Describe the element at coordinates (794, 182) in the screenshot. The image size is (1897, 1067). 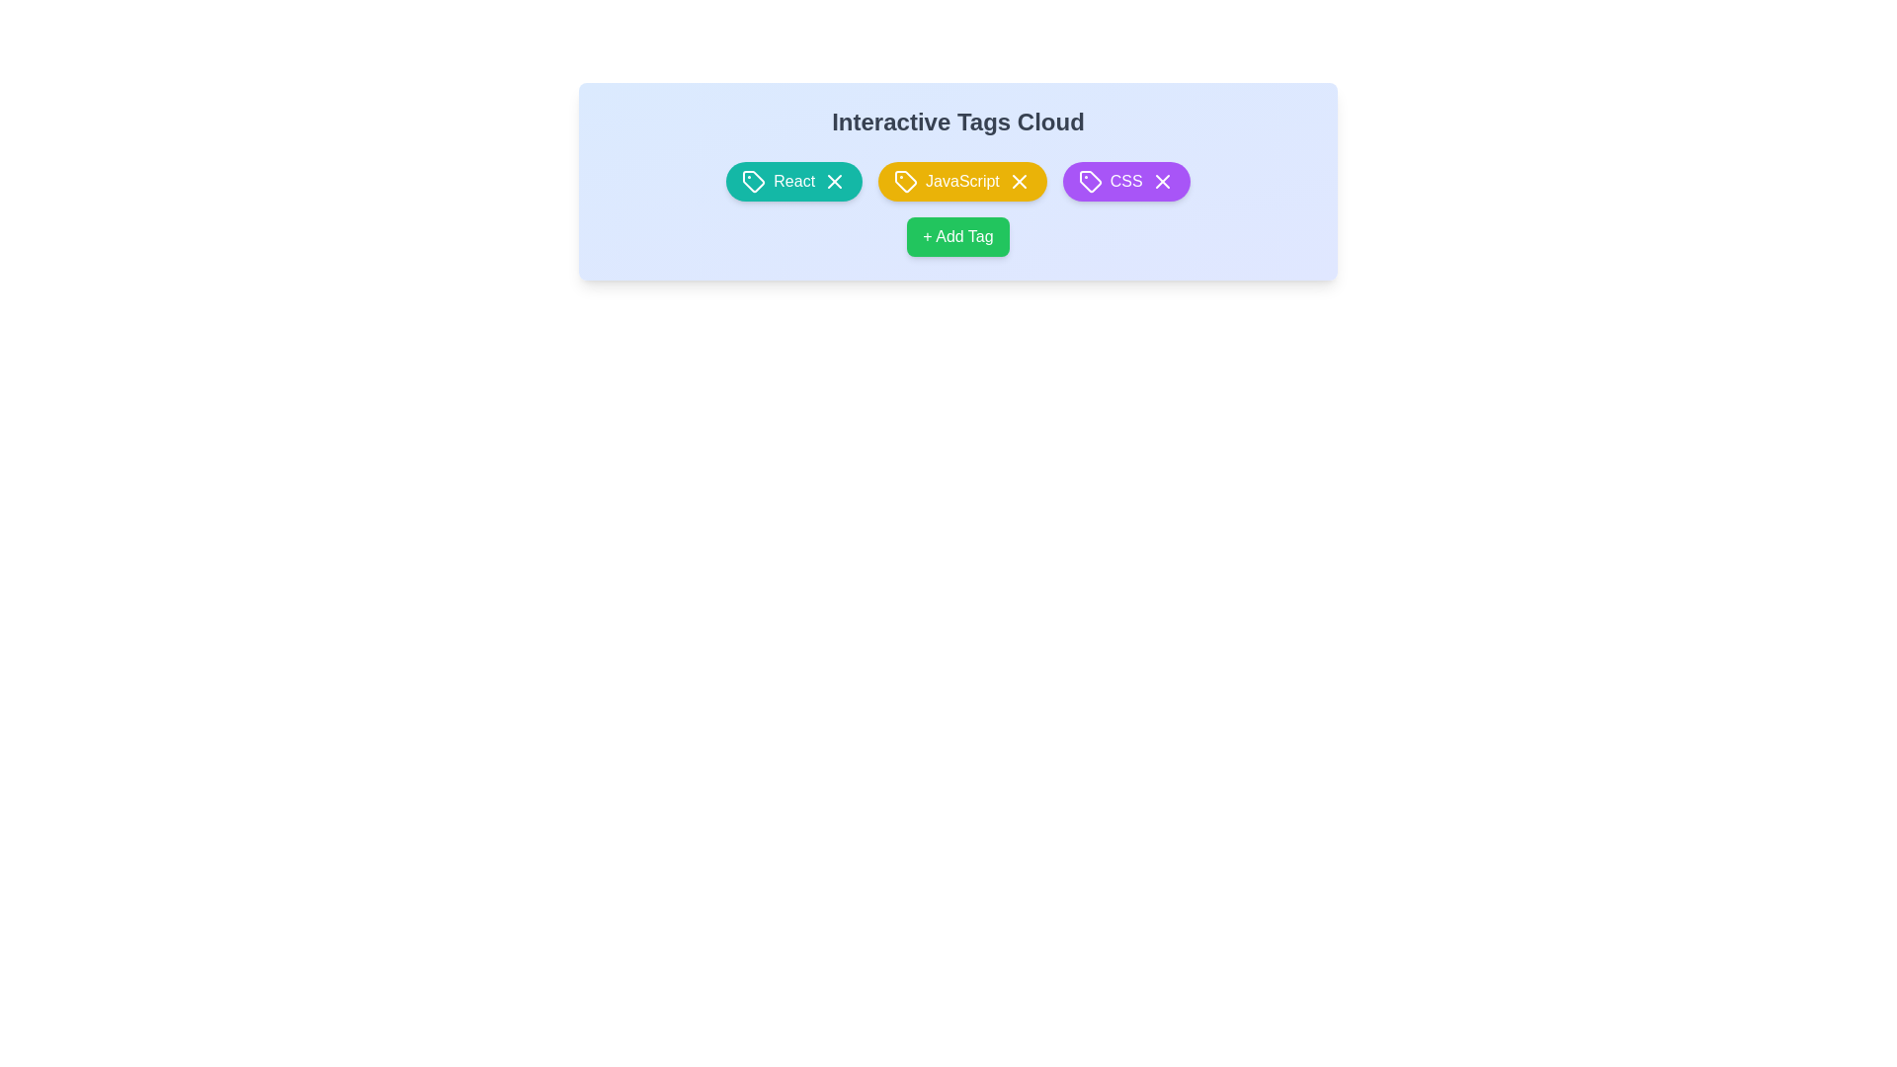
I see `the tag labeled React` at that location.